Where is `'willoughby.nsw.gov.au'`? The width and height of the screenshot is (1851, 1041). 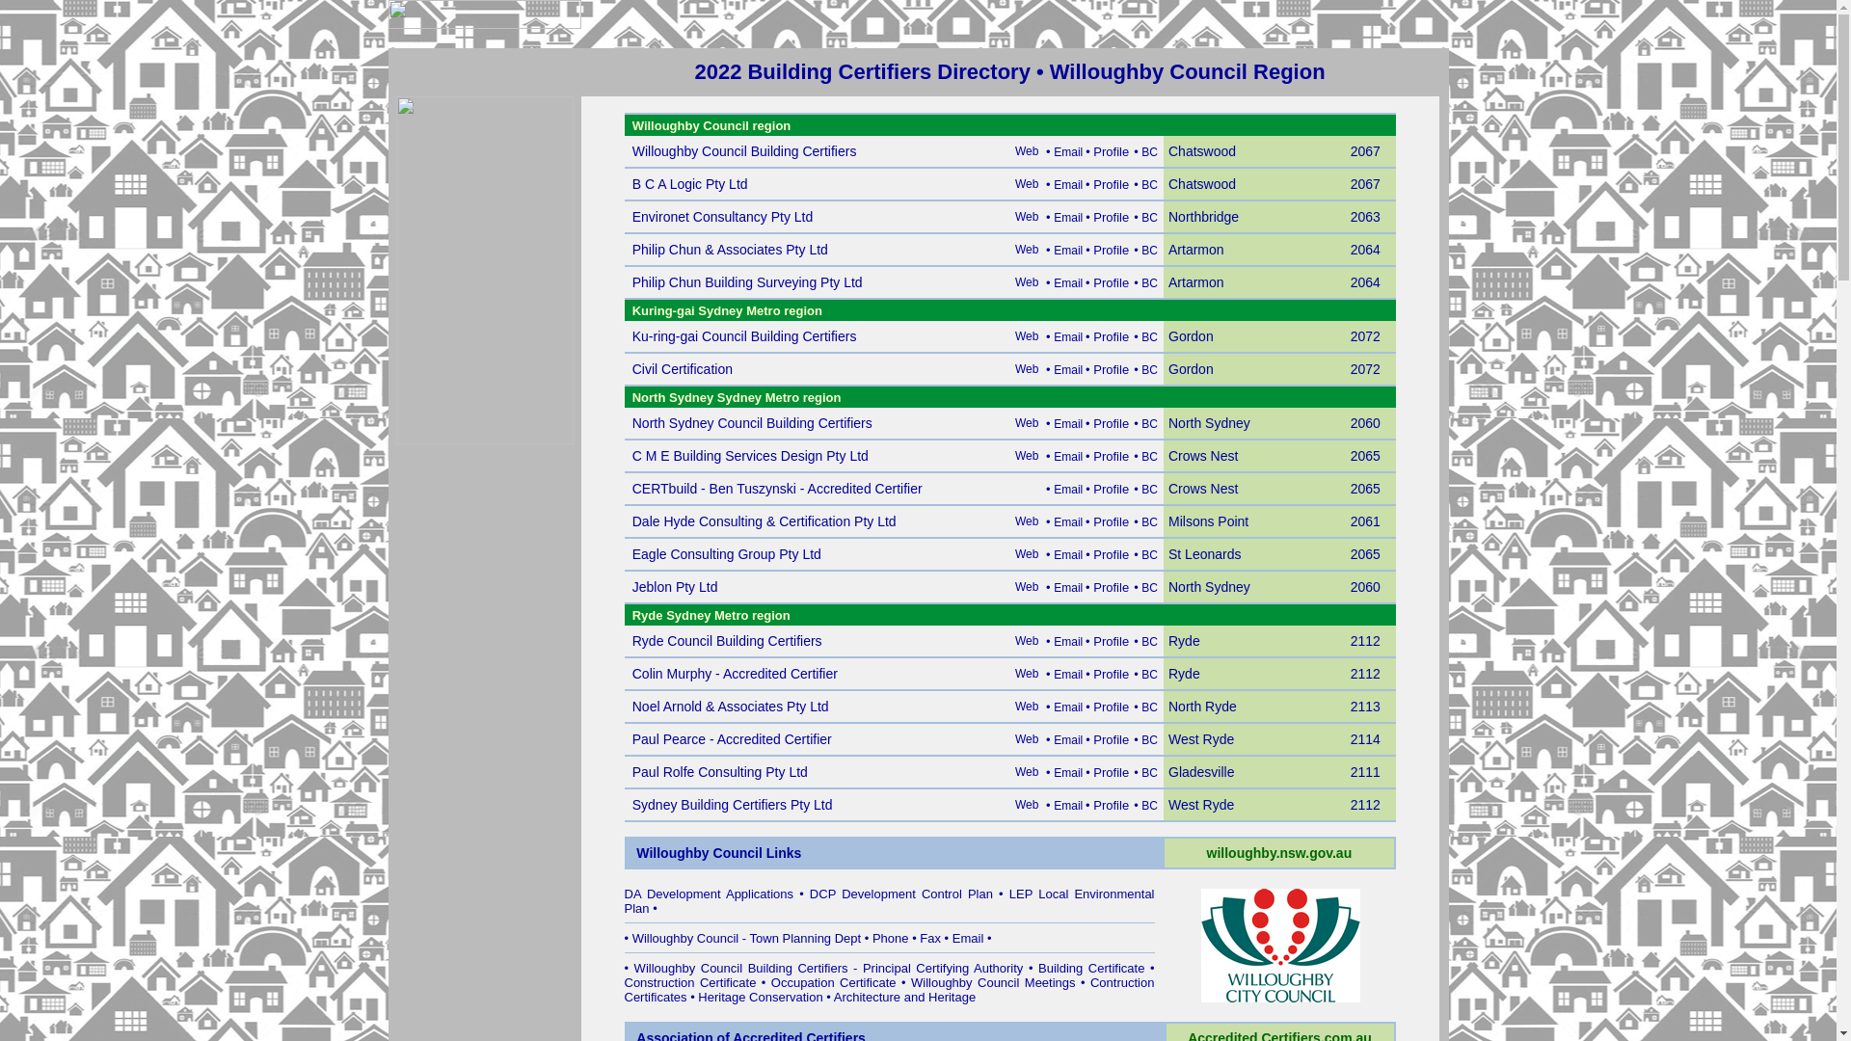 'willoughby.nsw.gov.au' is located at coordinates (1279, 852).